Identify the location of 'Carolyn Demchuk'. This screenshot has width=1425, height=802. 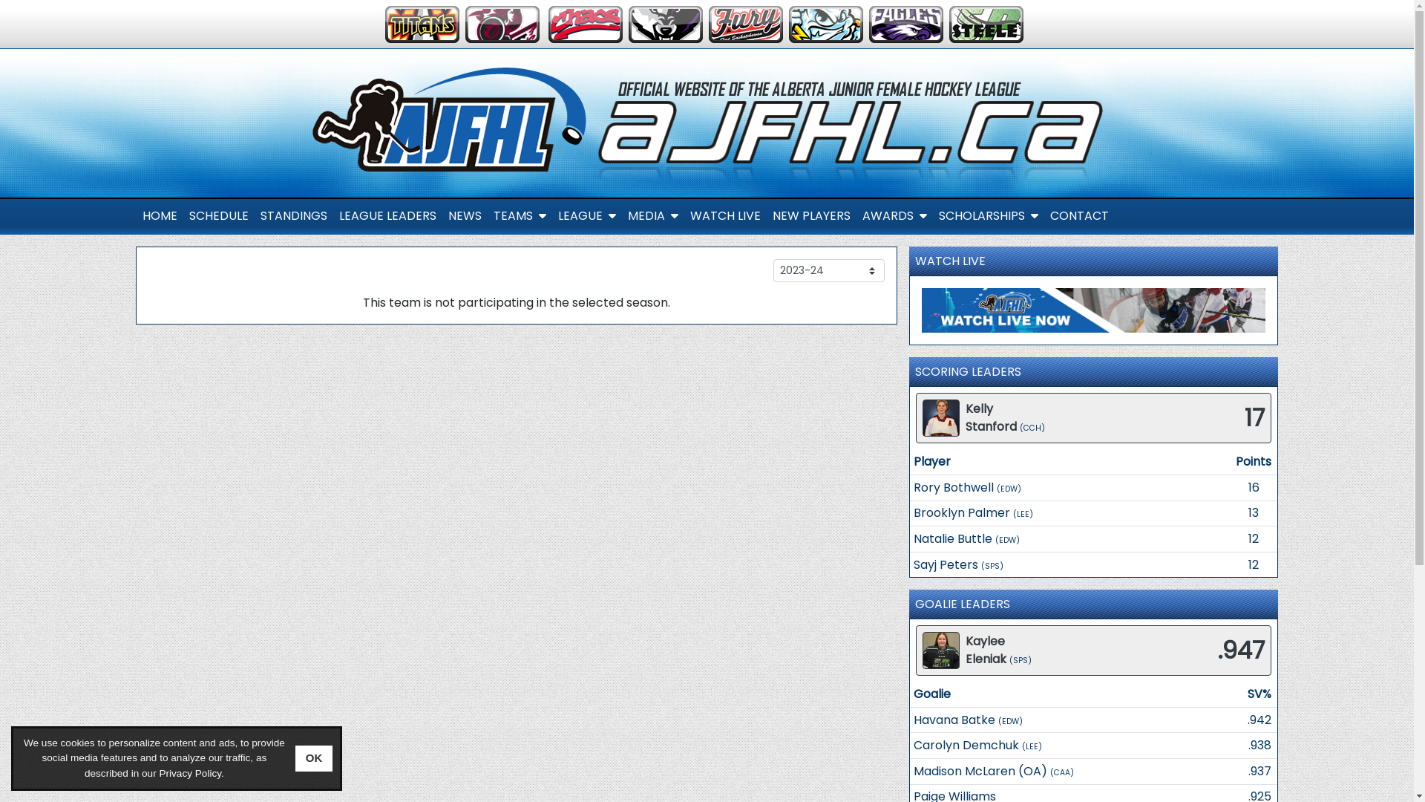
(912, 745).